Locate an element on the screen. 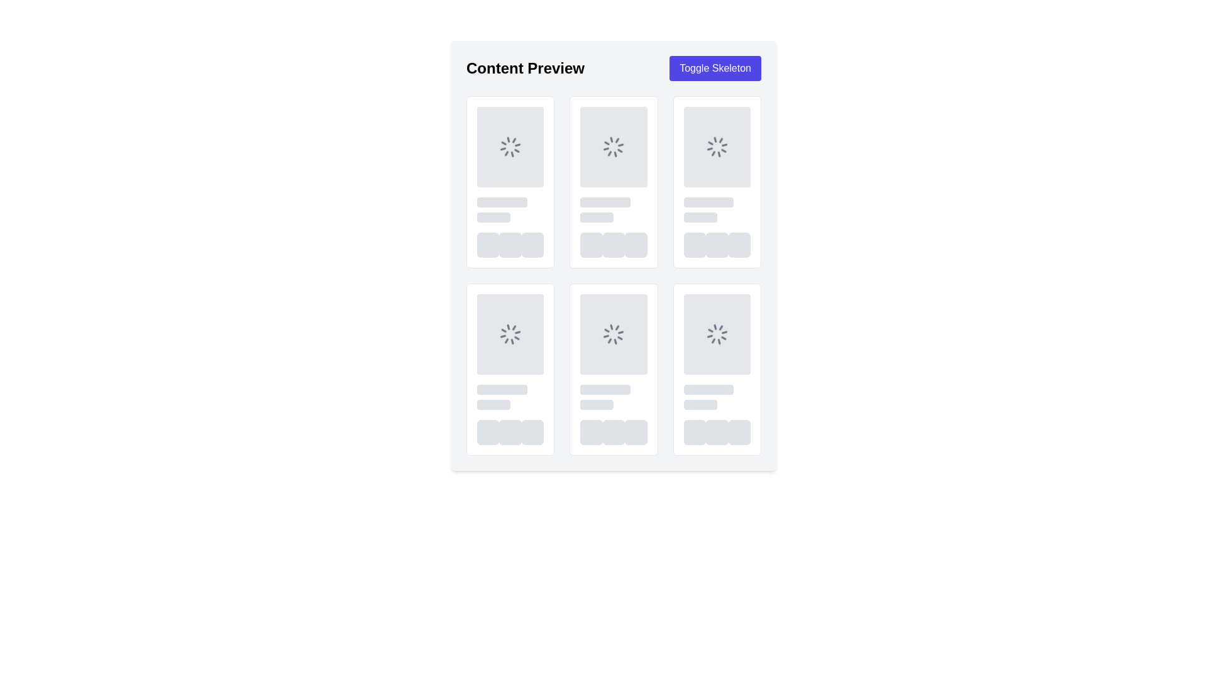 This screenshot has height=679, width=1207. the loading indicator spinner icon, which is a circular arrangement of lines radiating outwards, indicating a loading state, located in the bottom row and middle column of the grid layout is located at coordinates (614, 334).